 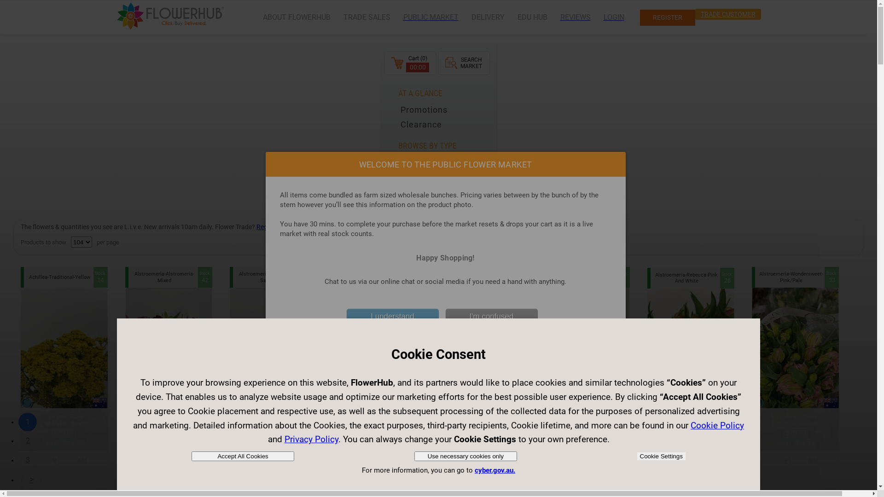 I want to click on 'cyber.gov.au.', so click(x=494, y=470).